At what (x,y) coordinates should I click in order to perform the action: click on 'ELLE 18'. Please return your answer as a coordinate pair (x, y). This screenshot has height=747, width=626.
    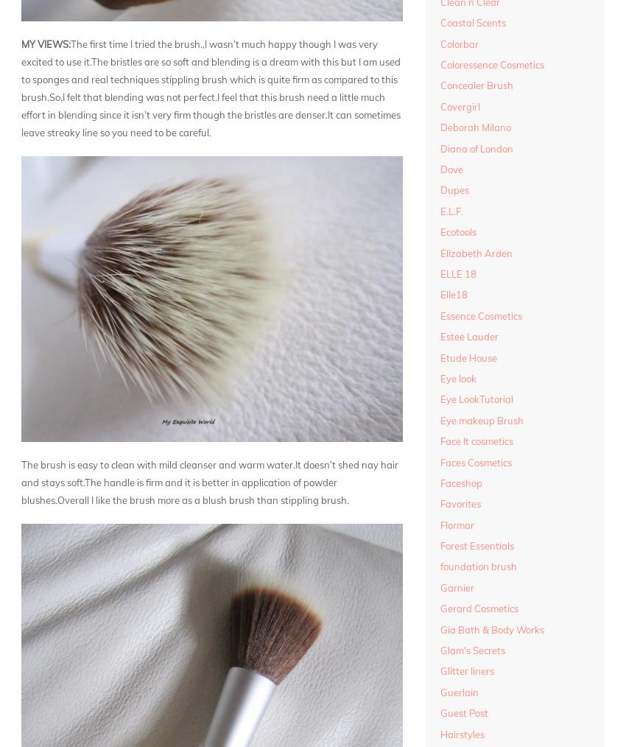
    Looking at the image, I should click on (439, 273).